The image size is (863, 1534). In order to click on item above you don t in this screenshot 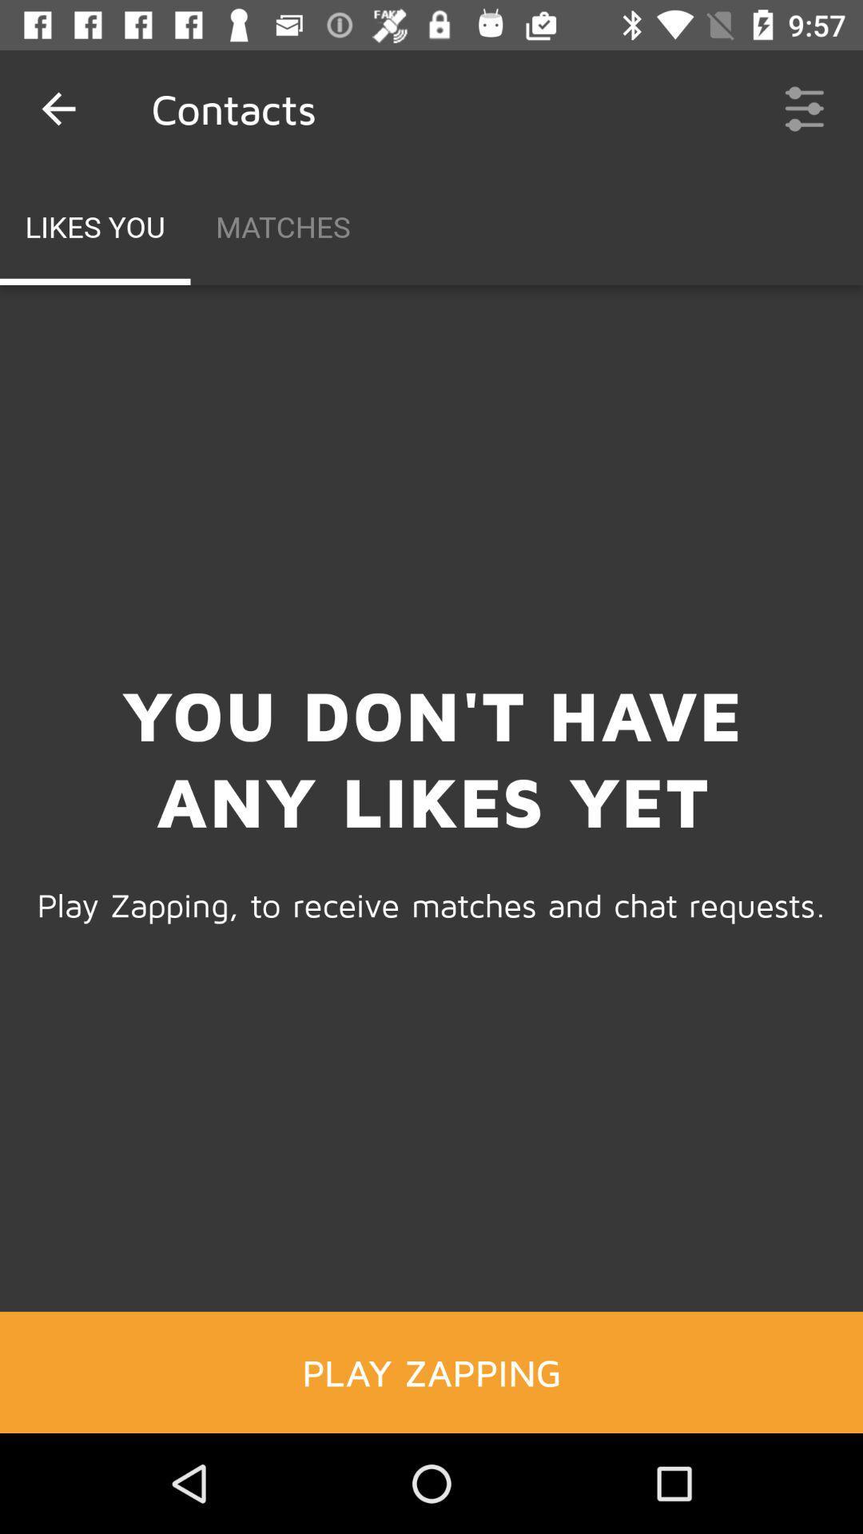, I will do `click(804, 108)`.